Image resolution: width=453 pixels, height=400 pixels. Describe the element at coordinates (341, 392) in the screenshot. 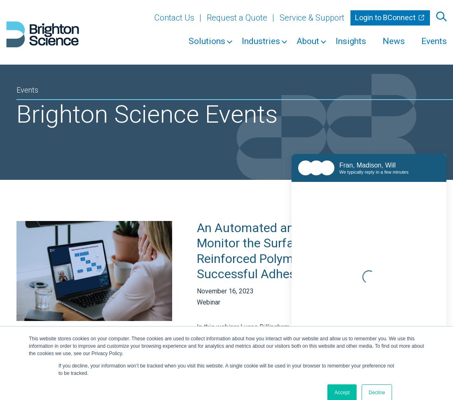

I see `'Accept'` at that location.